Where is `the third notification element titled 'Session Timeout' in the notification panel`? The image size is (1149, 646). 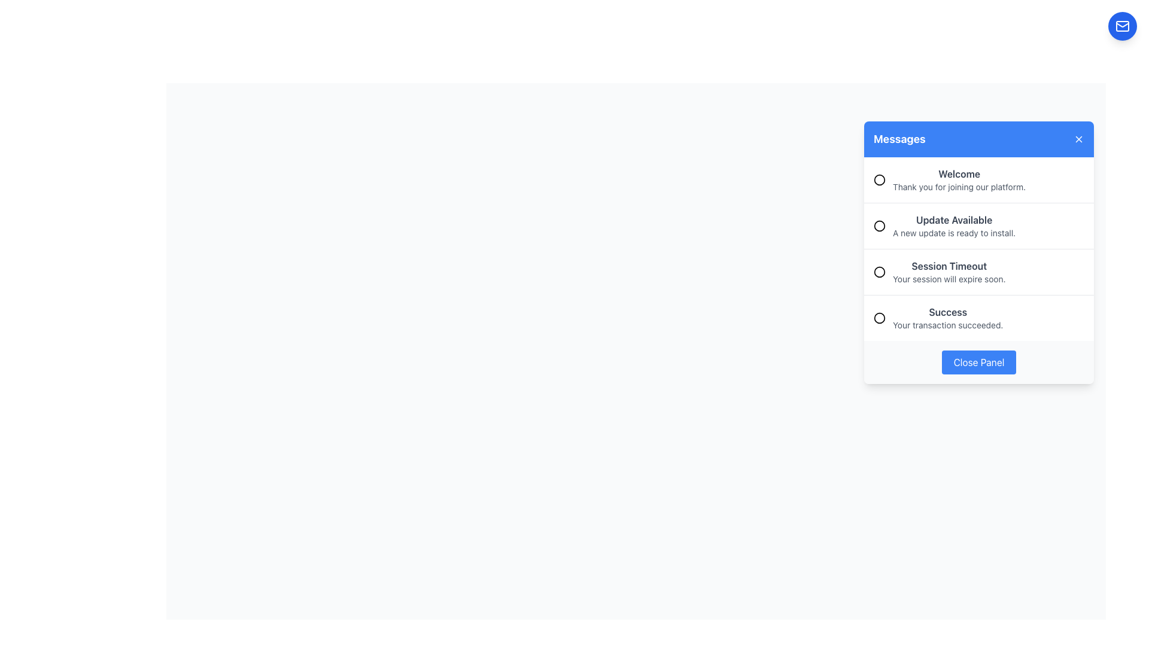 the third notification element titled 'Session Timeout' in the notification panel is located at coordinates (979, 272).